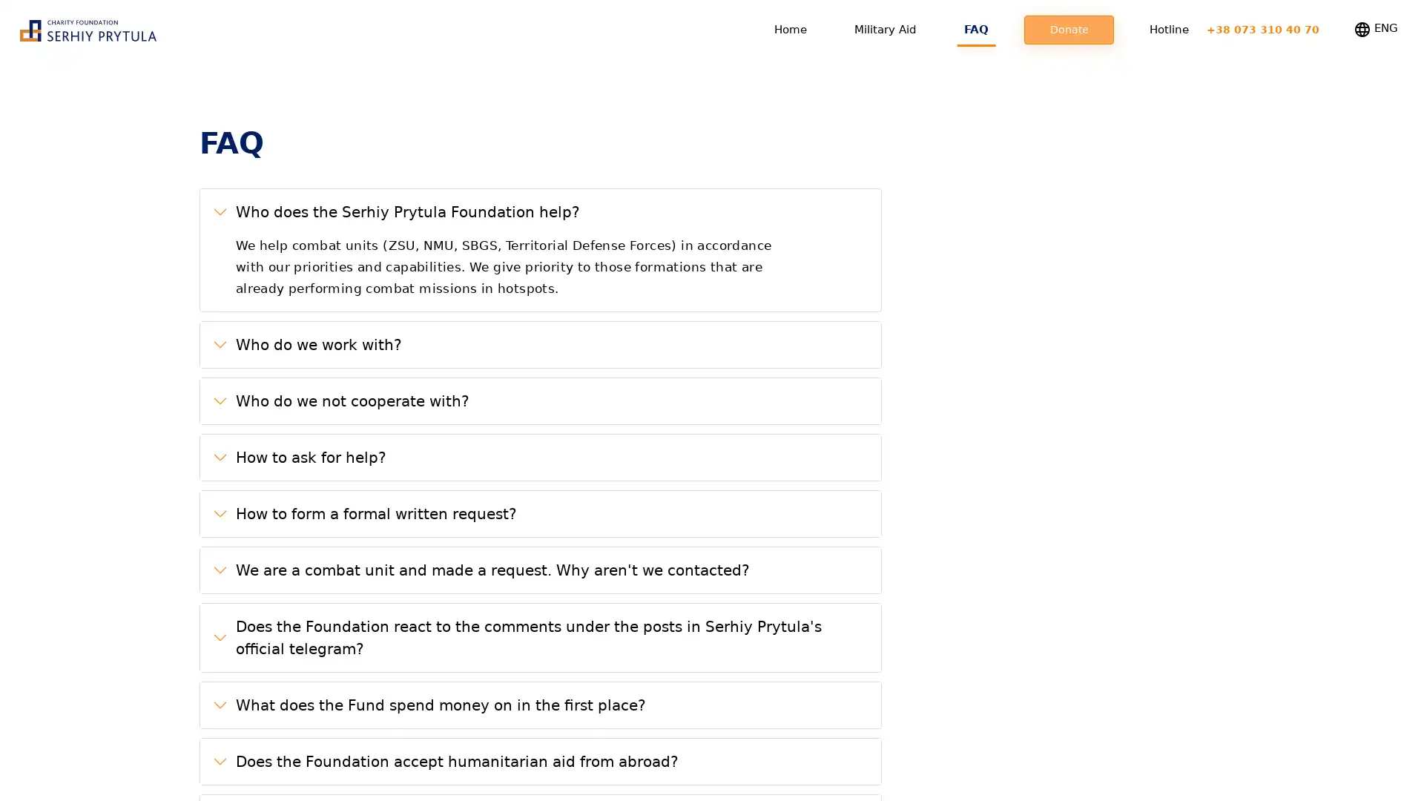  Describe the element at coordinates (539, 513) in the screenshot. I see `How to form a formal written request?` at that location.